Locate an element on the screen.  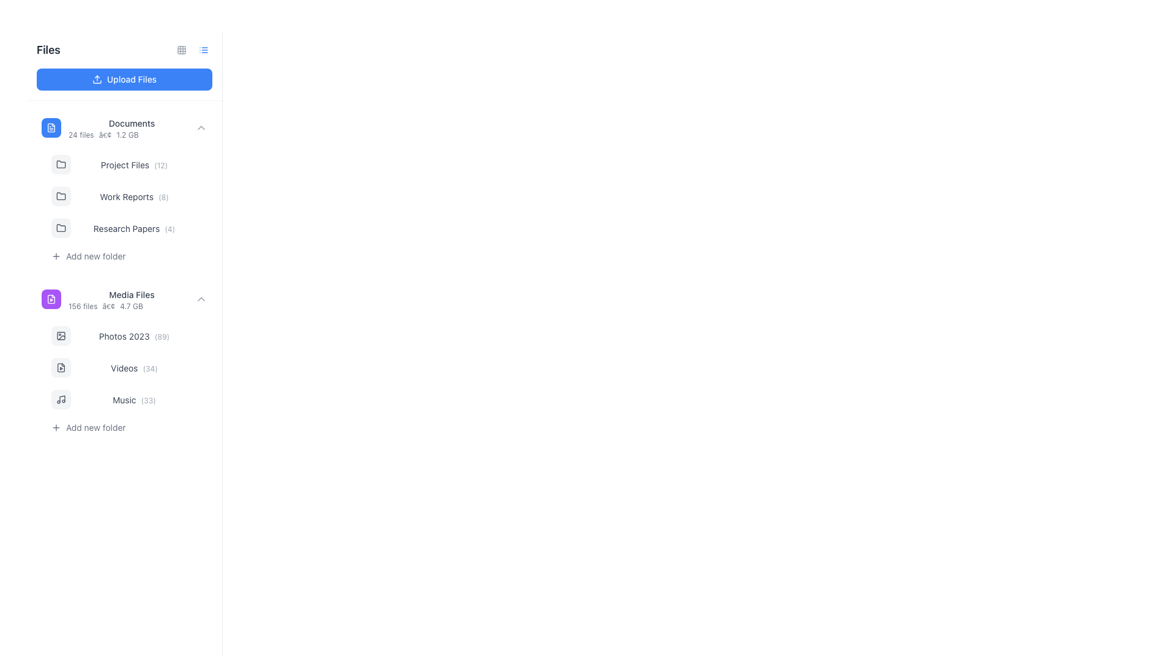
the folder icon representing videos, which is located within the 'Videos' item under the 'Media Files' category in the sidebar is located at coordinates (61, 367).